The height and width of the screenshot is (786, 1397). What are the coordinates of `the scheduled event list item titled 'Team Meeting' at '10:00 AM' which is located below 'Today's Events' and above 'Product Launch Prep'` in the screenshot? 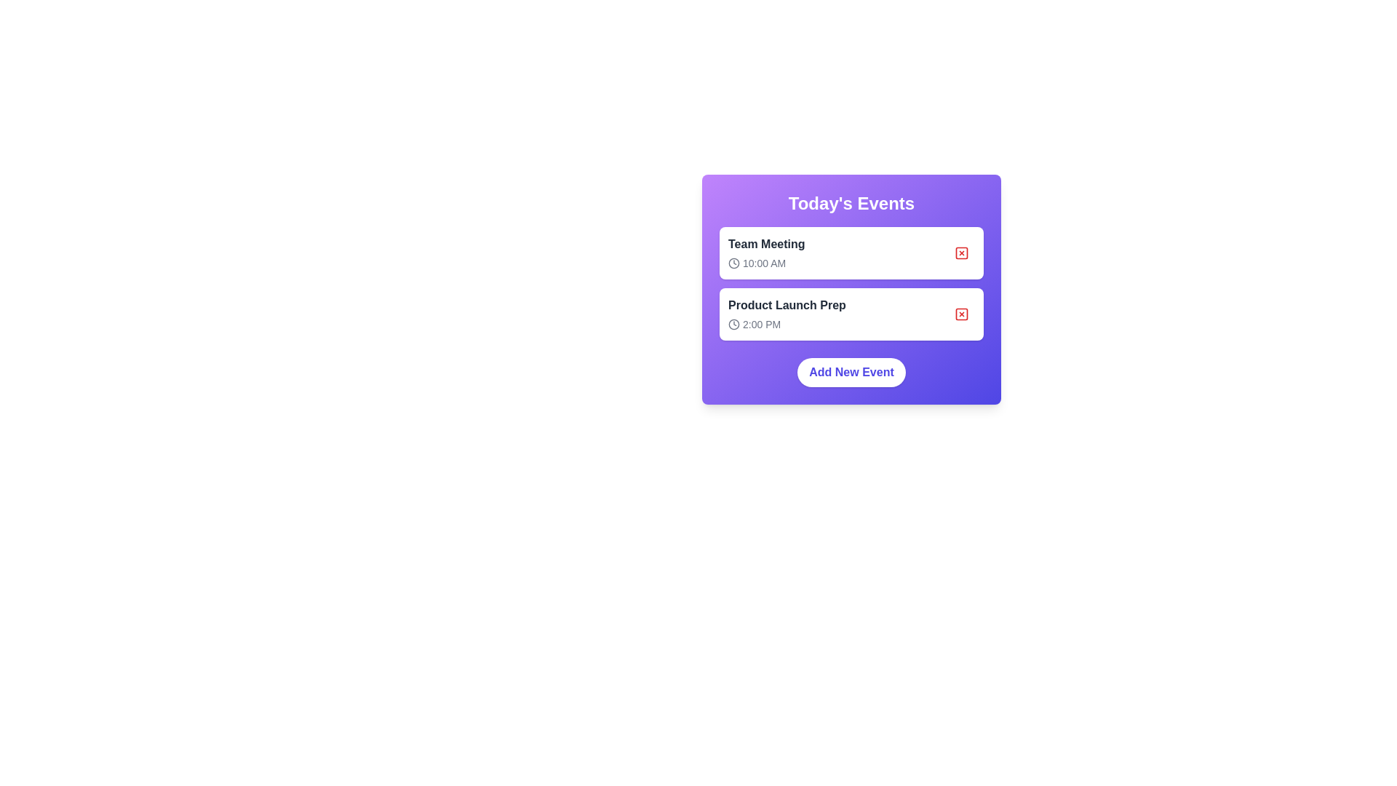 It's located at (851, 252).